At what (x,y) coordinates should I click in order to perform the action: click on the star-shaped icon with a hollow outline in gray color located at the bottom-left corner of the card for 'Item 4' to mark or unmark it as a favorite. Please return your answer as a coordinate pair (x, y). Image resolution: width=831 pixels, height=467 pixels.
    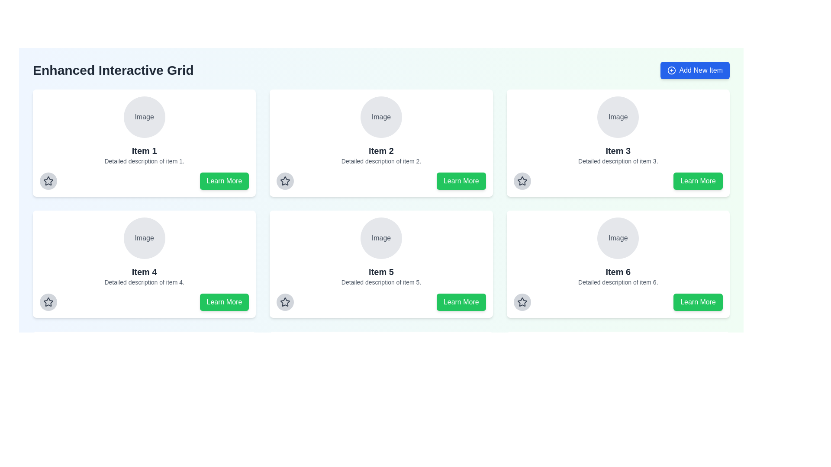
    Looking at the image, I should click on (48, 301).